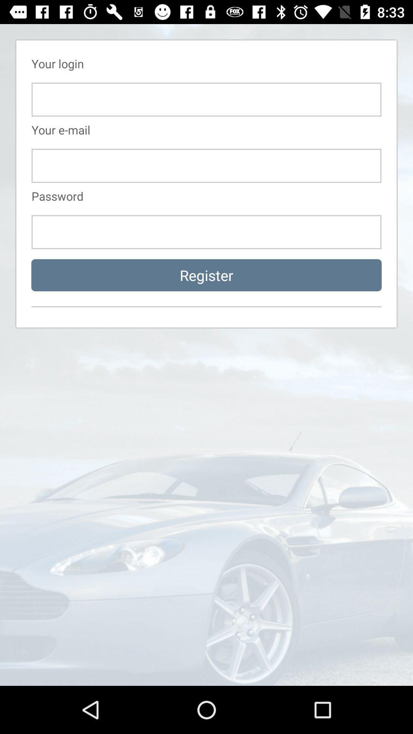 The image size is (413, 734). Describe the element at coordinates (206, 165) in the screenshot. I see `login page` at that location.